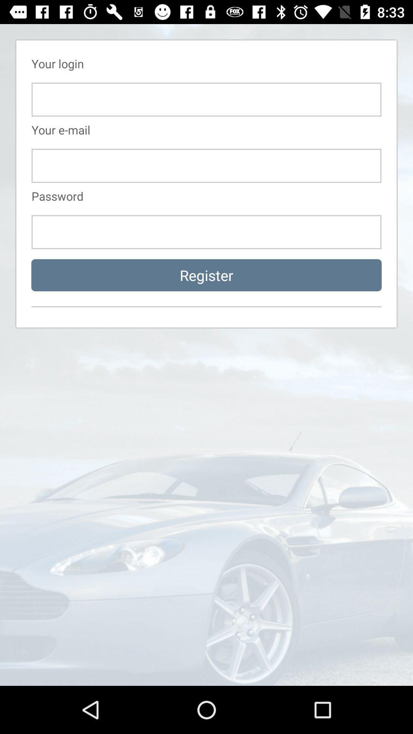 The image size is (413, 734). Describe the element at coordinates (206, 165) in the screenshot. I see `login page` at that location.